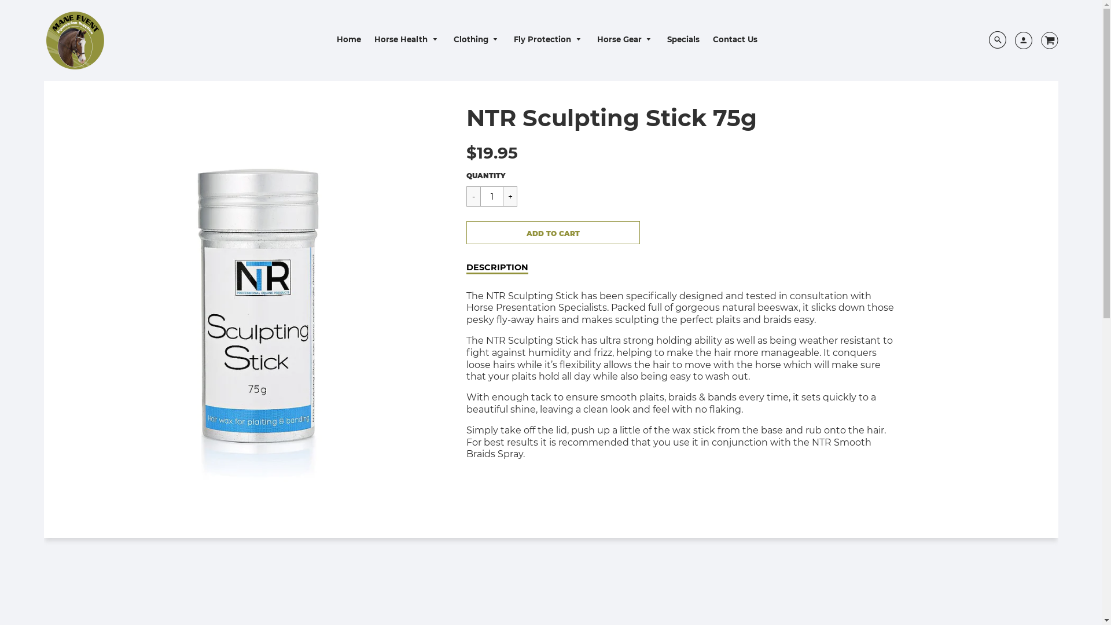  Describe the element at coordinates (734, 39) in the screenshot. I see `'Contact Us'` at that location.